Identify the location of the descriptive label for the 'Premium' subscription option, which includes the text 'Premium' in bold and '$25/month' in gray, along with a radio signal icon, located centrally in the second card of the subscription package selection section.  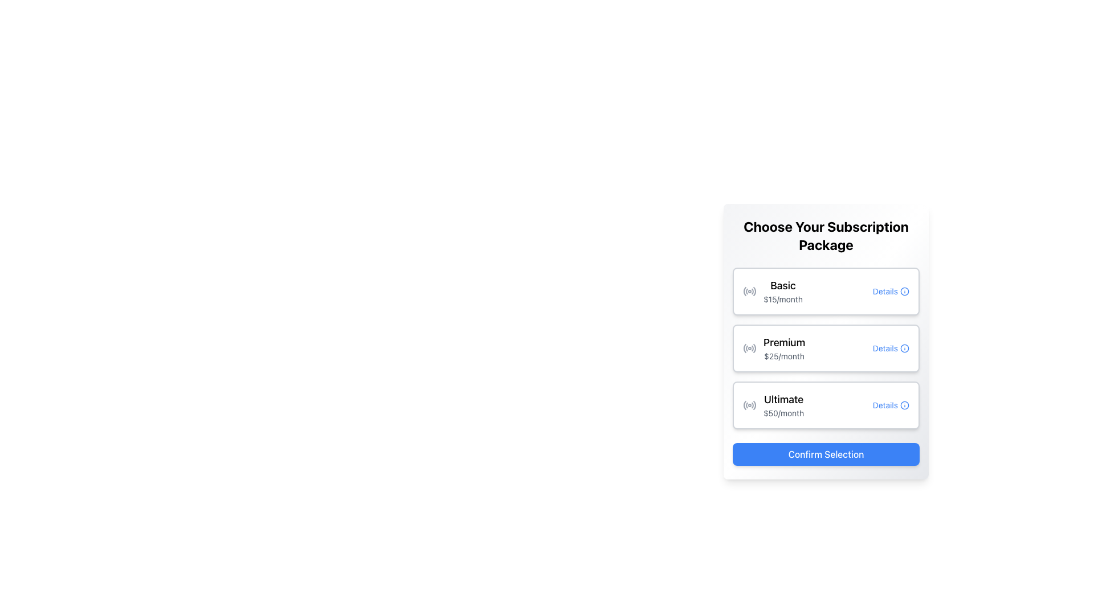
(774, 348).